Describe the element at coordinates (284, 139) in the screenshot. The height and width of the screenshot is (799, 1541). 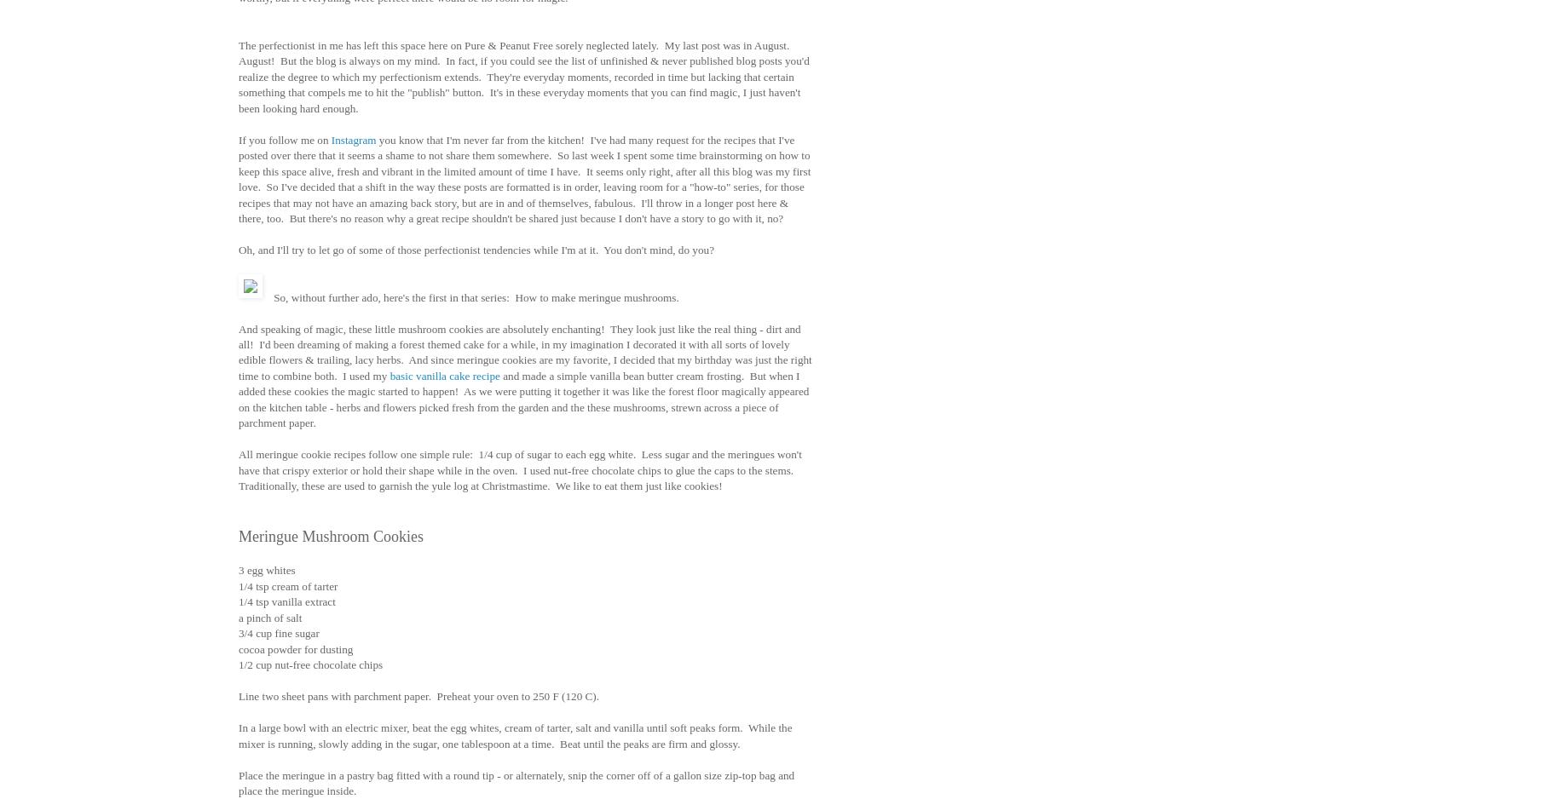
I see `'If you follow me on'` at that location.